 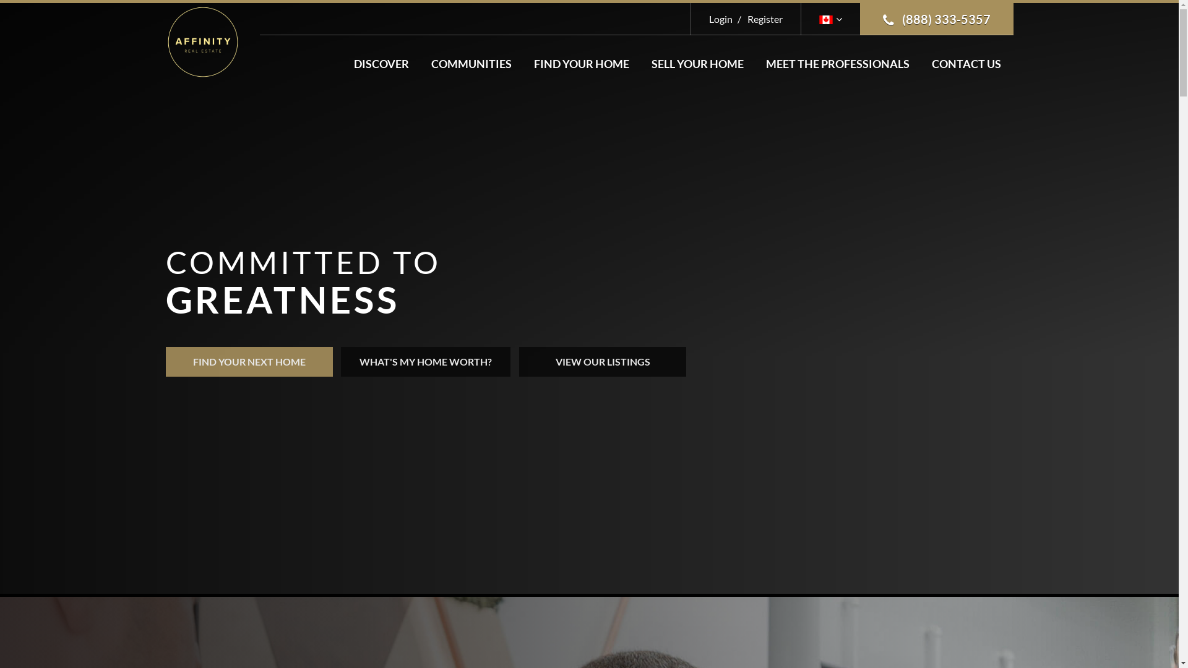 I want to click on 'Login', so click(x=721, y=19).